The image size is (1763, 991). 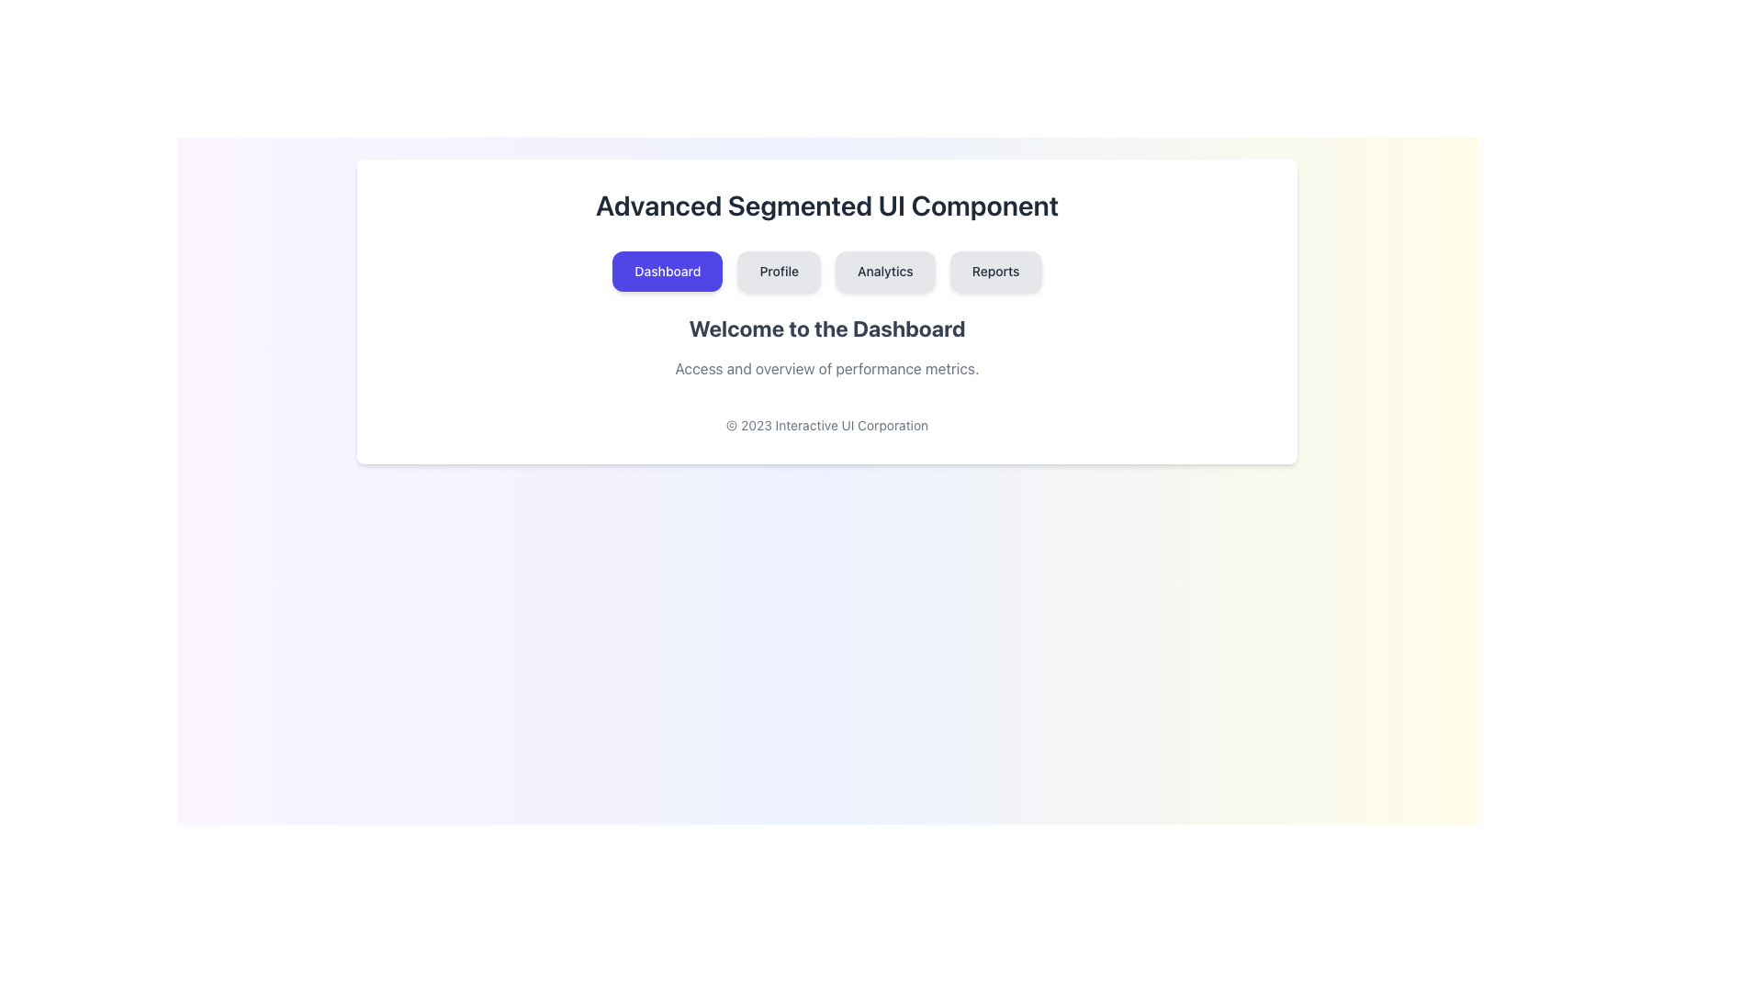 I want to click on the 'Reports' button, which is a rectangular button with rounded corners, featuring bold text in dark gray on a light gray background, positioned in the top-center of the interface, so click(x=994, y=272).